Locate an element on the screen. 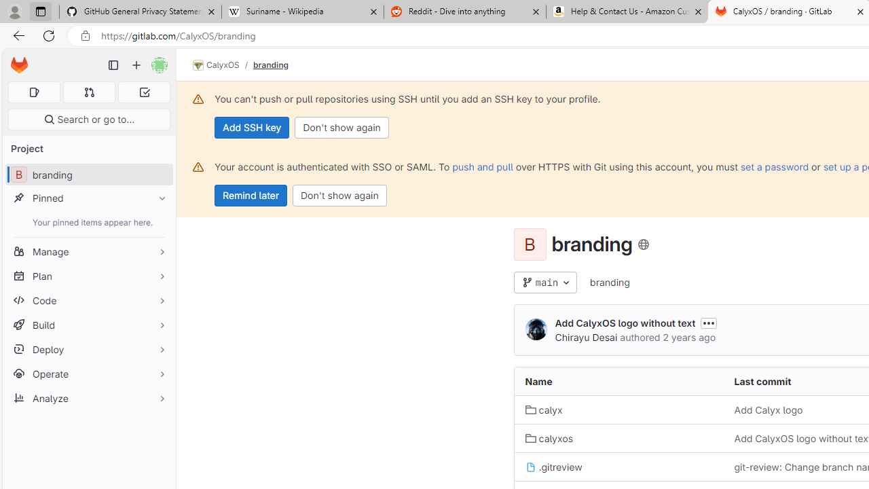 The width and height of the screenshot is (869, 489). 'branding' is located at coordinates (609, 281).